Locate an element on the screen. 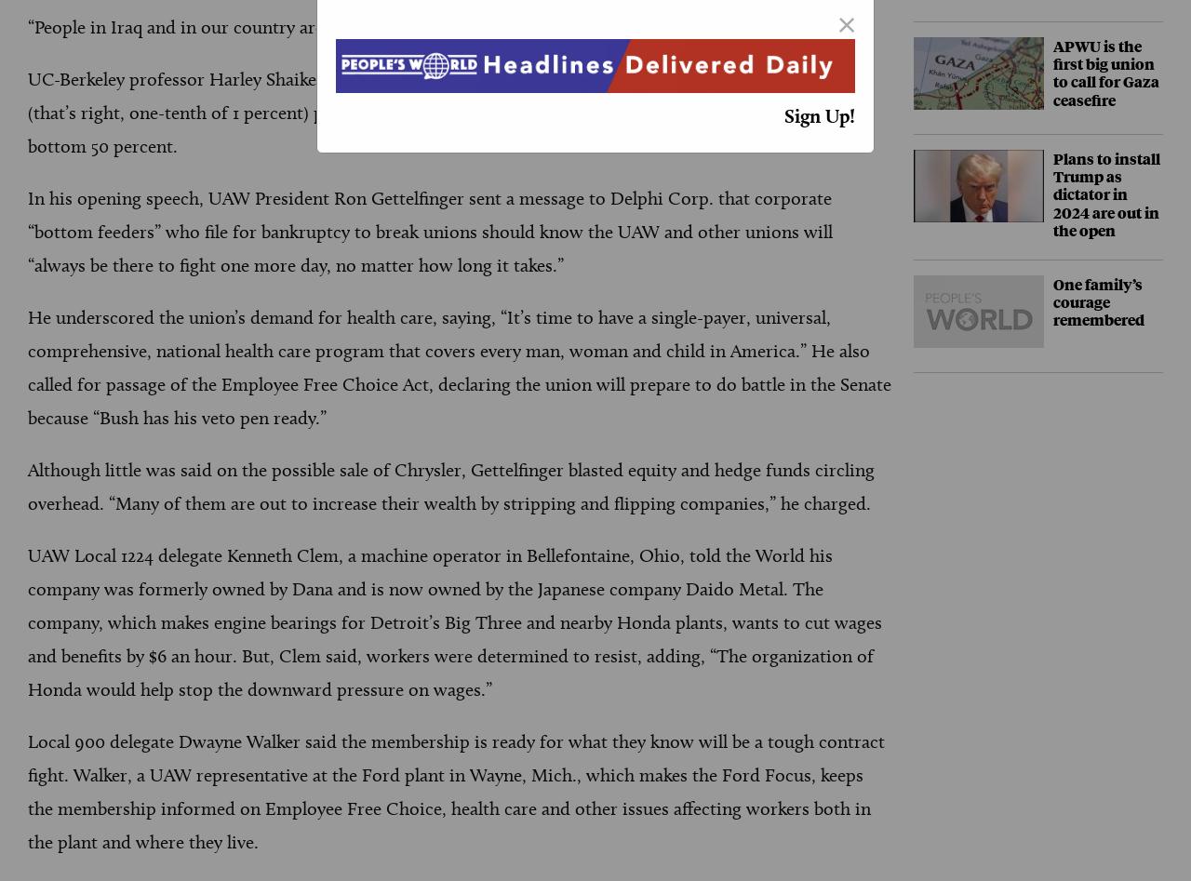 Image resolution: width=1191 pixels, height=881 pixels. 'Local 900 delegate Dwayne Walker said the membership is ready for what they know will be a tough contract fight. Walker, a UAW representative at the Ford plant in Wayne, Mich., which makes the Ford Focus, keeps the membership informed on Employee Free Choice, health care and other issues affecting workers both in the plant and where they live.' is located at coordinates (456, 791).